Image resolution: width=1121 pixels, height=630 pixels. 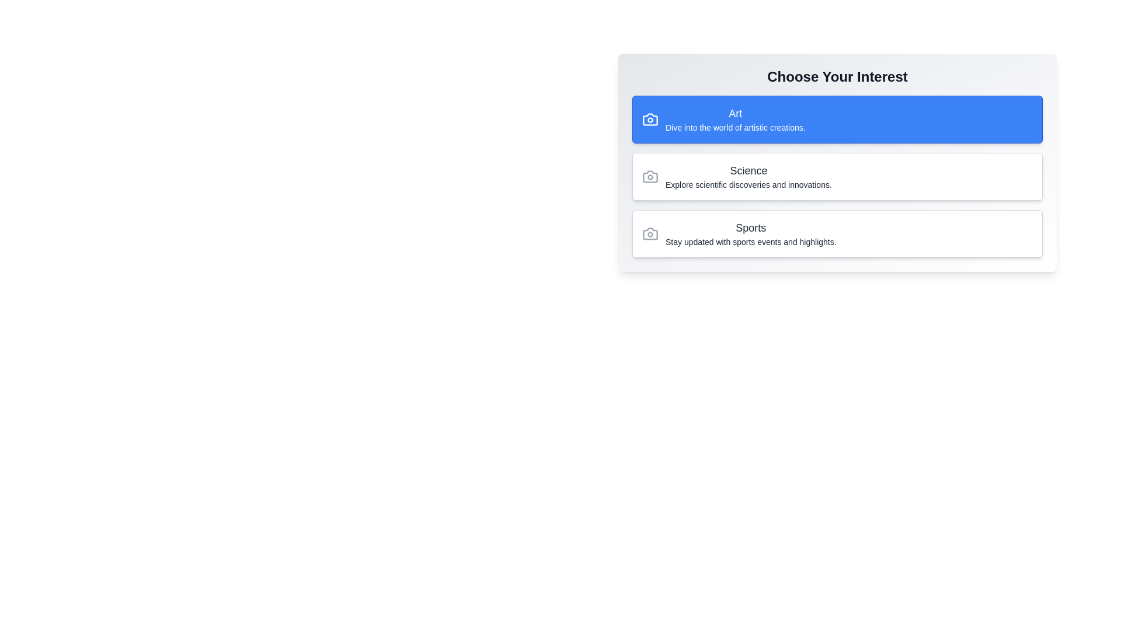 What do you see at coordinates (751, 228) in the screenshot?
I see `the Static Text Label that serves as the title for the third card in the vertical list layout, positioned centrally within its card` at bounding box center [751, 228].